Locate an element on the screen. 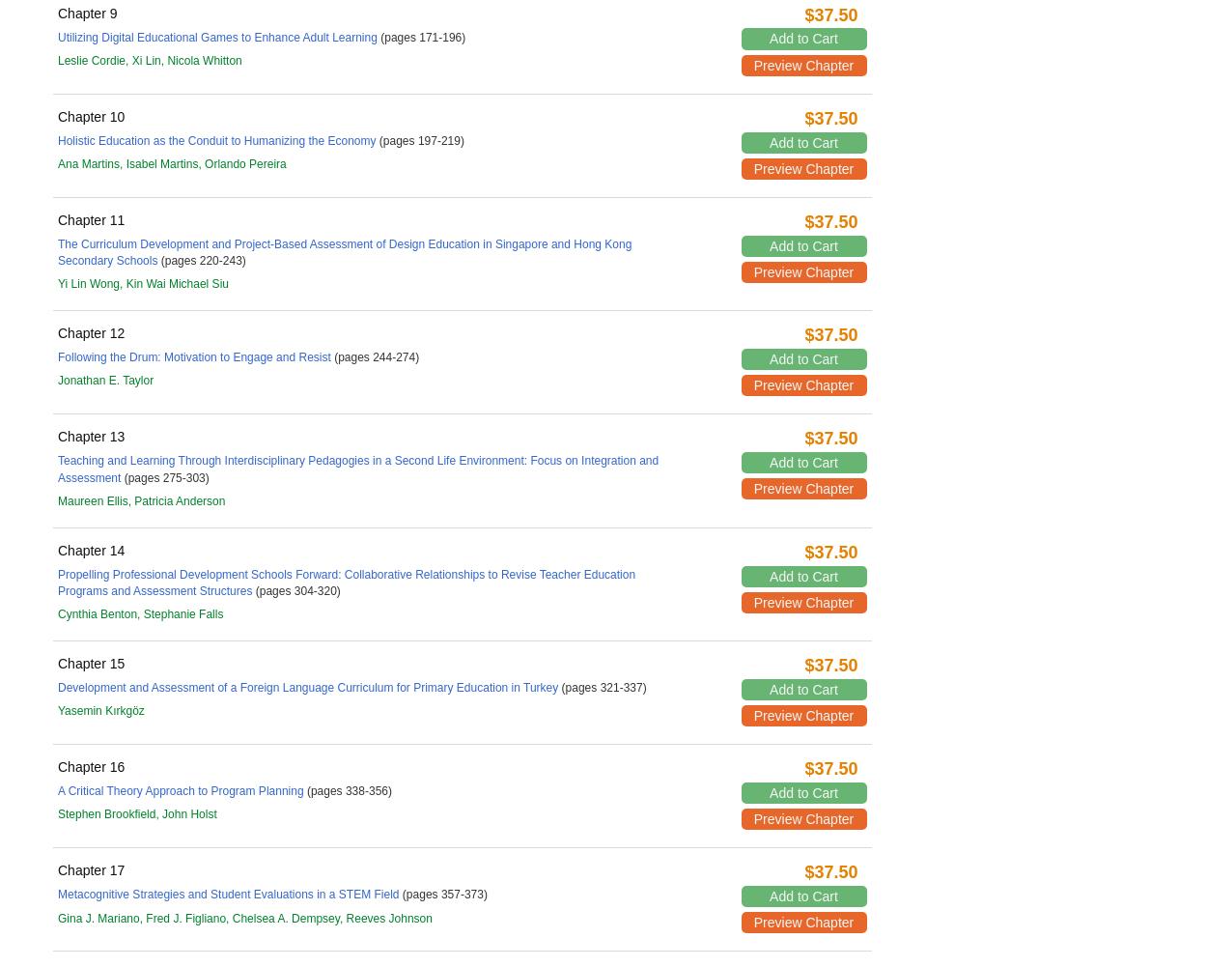  '(pages 304-320)' is located at coordinates (252, 590).